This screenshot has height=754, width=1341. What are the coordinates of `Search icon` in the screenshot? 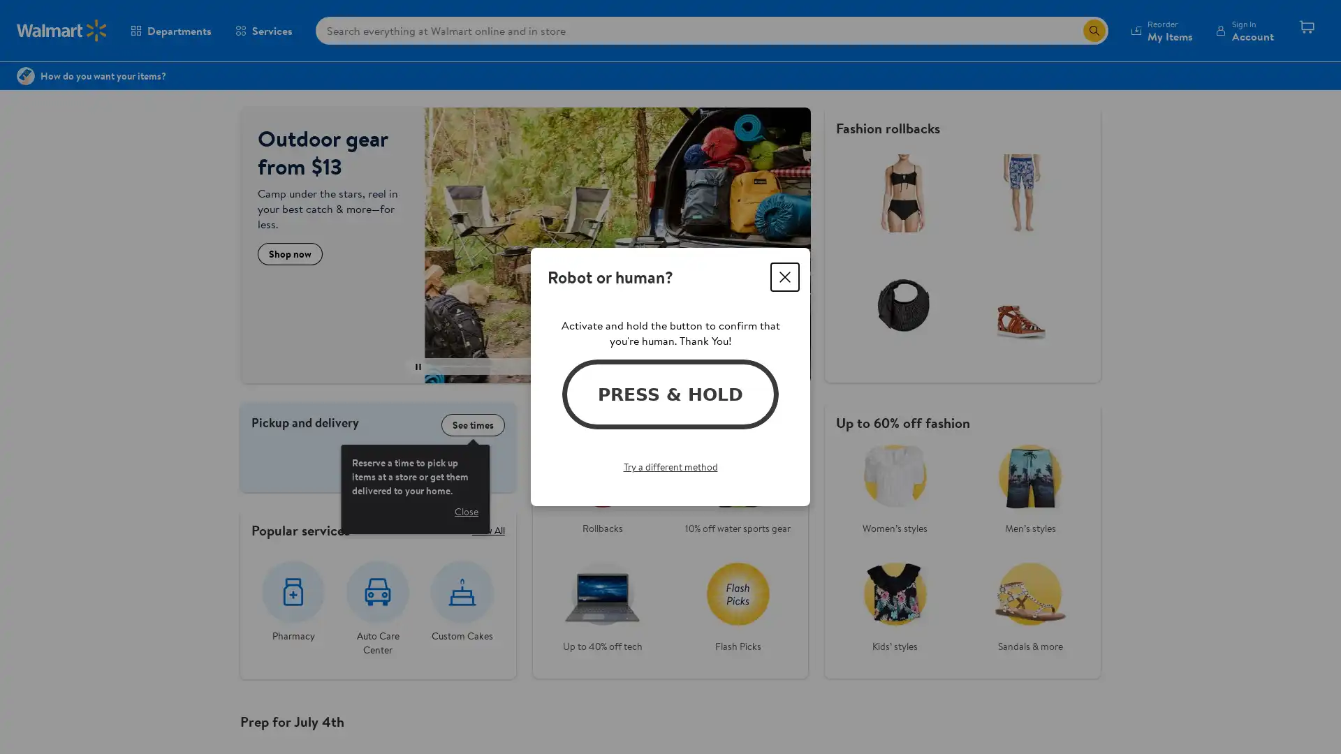 It's located at (1093, 30).